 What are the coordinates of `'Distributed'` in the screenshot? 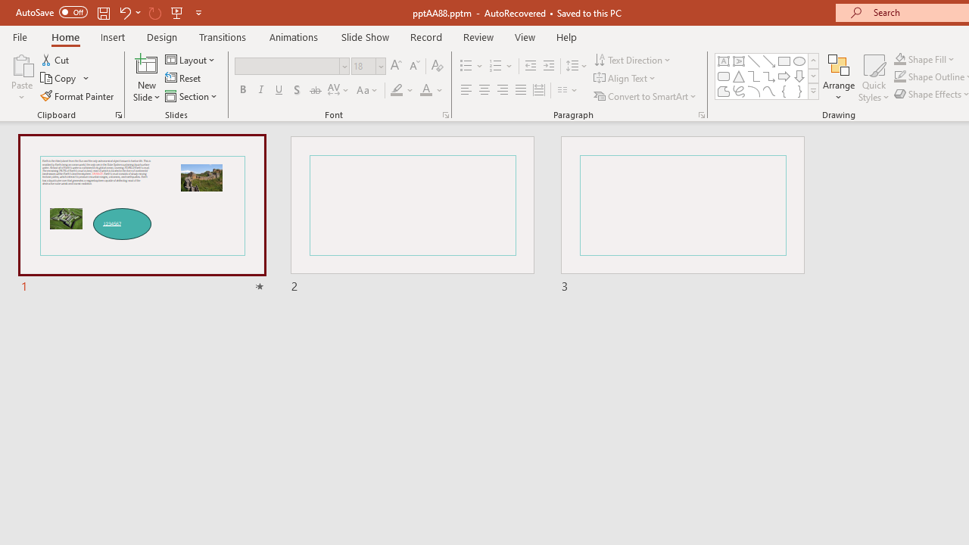 It's located at (539, 90).